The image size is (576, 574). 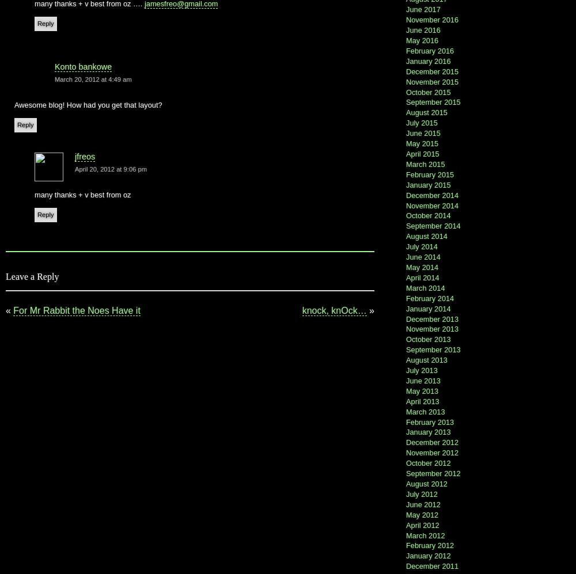 What do you see at coordinates (406, 81) in the screenshot?
I see `'November 2015'` at bounding box center [406, 81].